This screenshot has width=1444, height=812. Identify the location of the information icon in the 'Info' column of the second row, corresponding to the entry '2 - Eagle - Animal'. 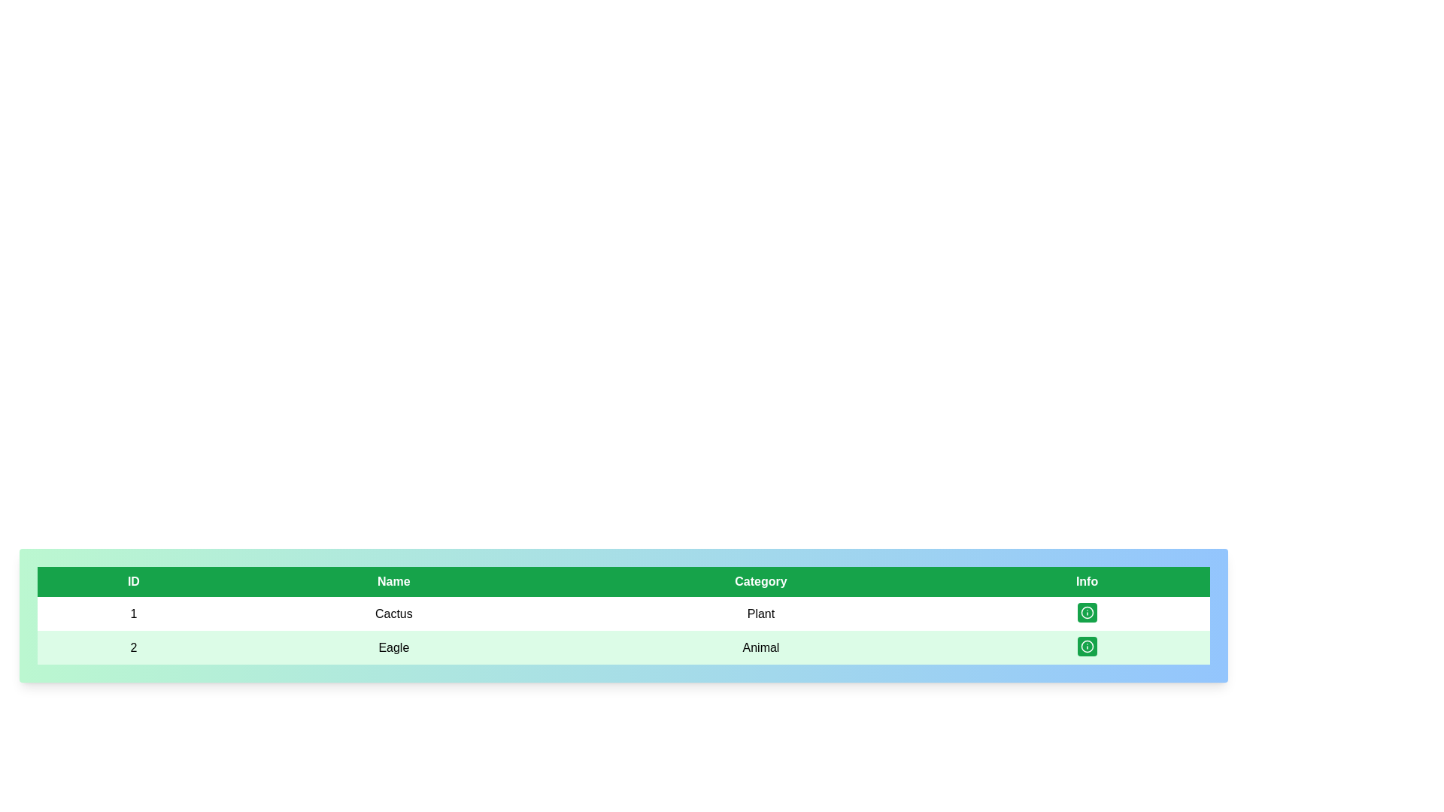
(1087, 646).